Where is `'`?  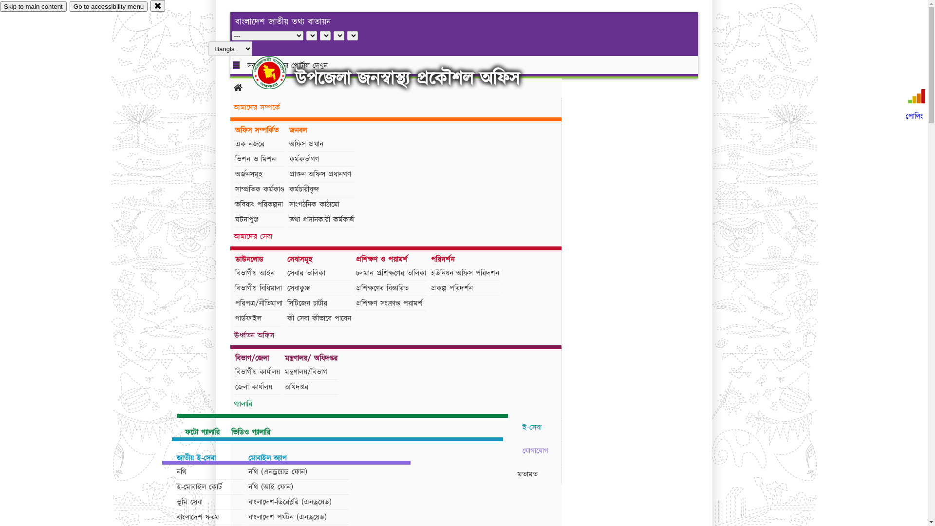 ' is located at coordinates (277, 72).